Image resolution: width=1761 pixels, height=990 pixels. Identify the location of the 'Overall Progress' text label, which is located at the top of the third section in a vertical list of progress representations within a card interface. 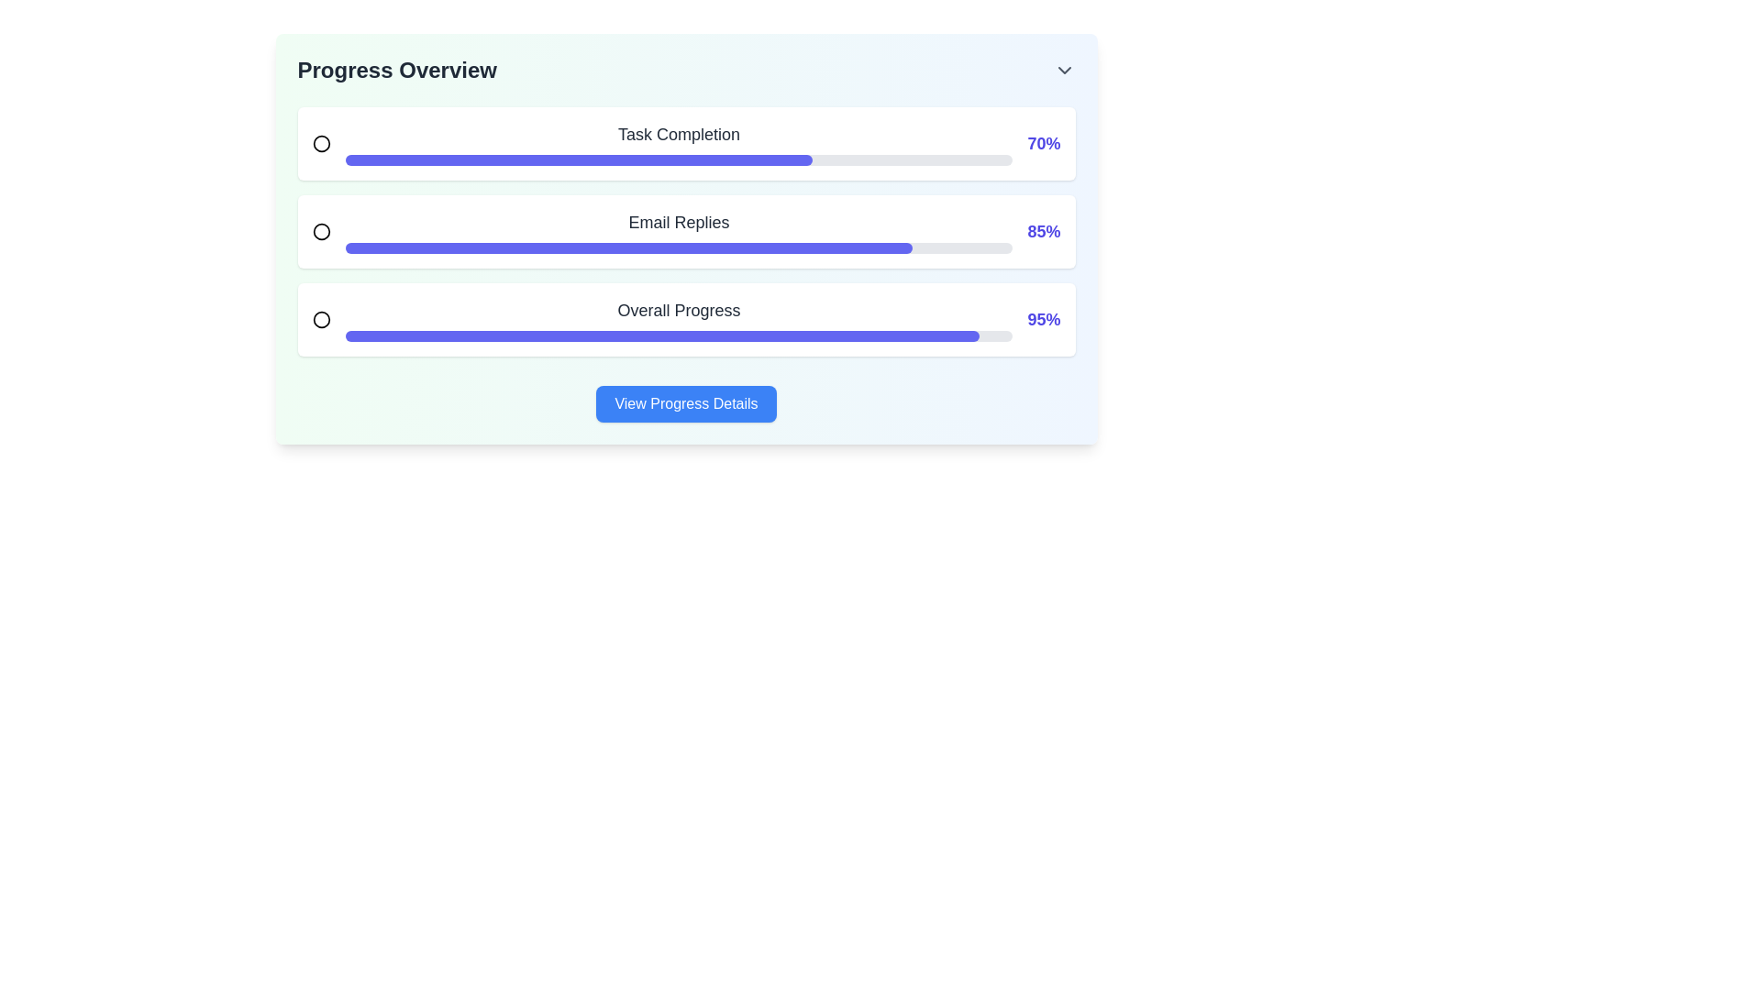
(678, 310).